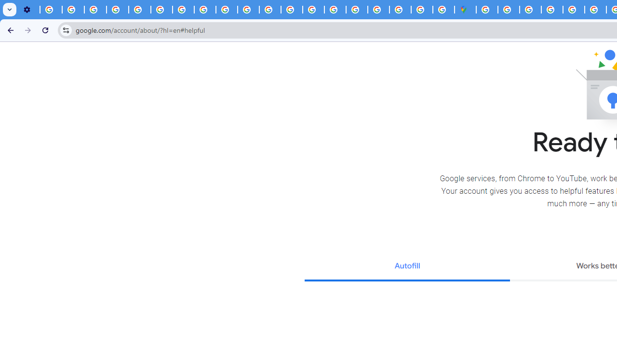 The width and height of the screenshot is (617, 347). Describe the element at coordinates (29, 10) in the screenshot. I see `'Settings - Customize profile'` at that location.